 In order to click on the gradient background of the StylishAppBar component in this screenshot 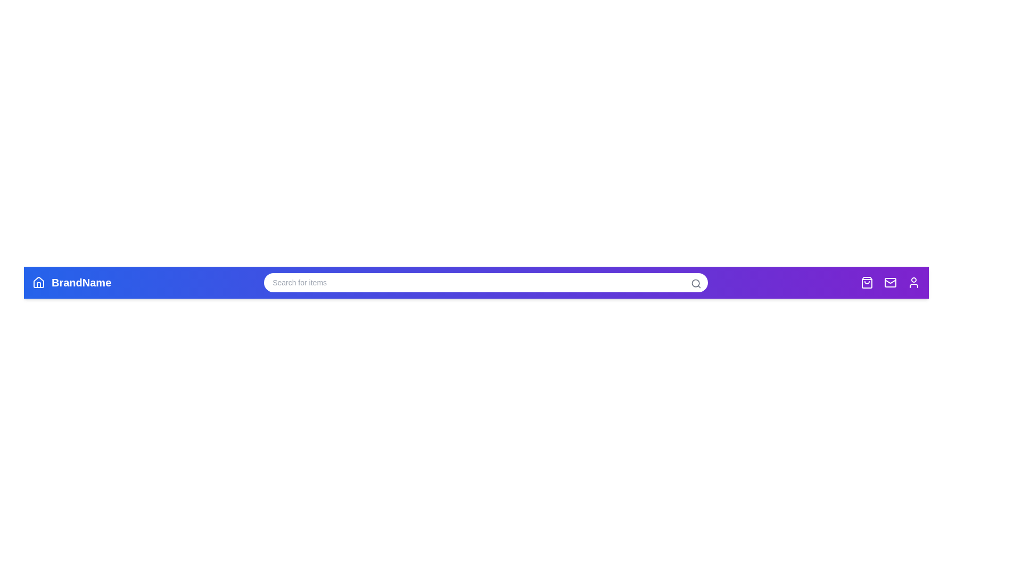, I will do `click(408, 282)`.